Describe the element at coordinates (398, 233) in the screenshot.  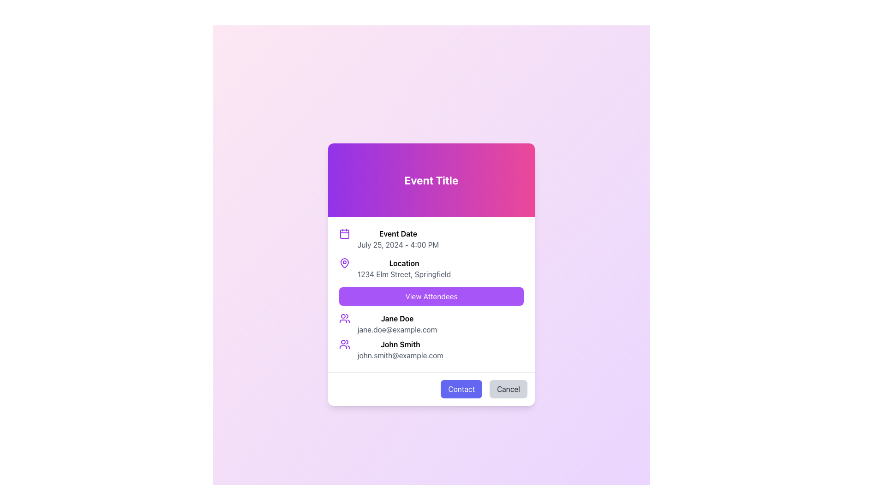
I see `the text label displaying 'Event Date', which is styled in bold font and located above the text 'July 25, 2024 - 4:00 PM' within a modal under the header 'Event Title'` at that location.